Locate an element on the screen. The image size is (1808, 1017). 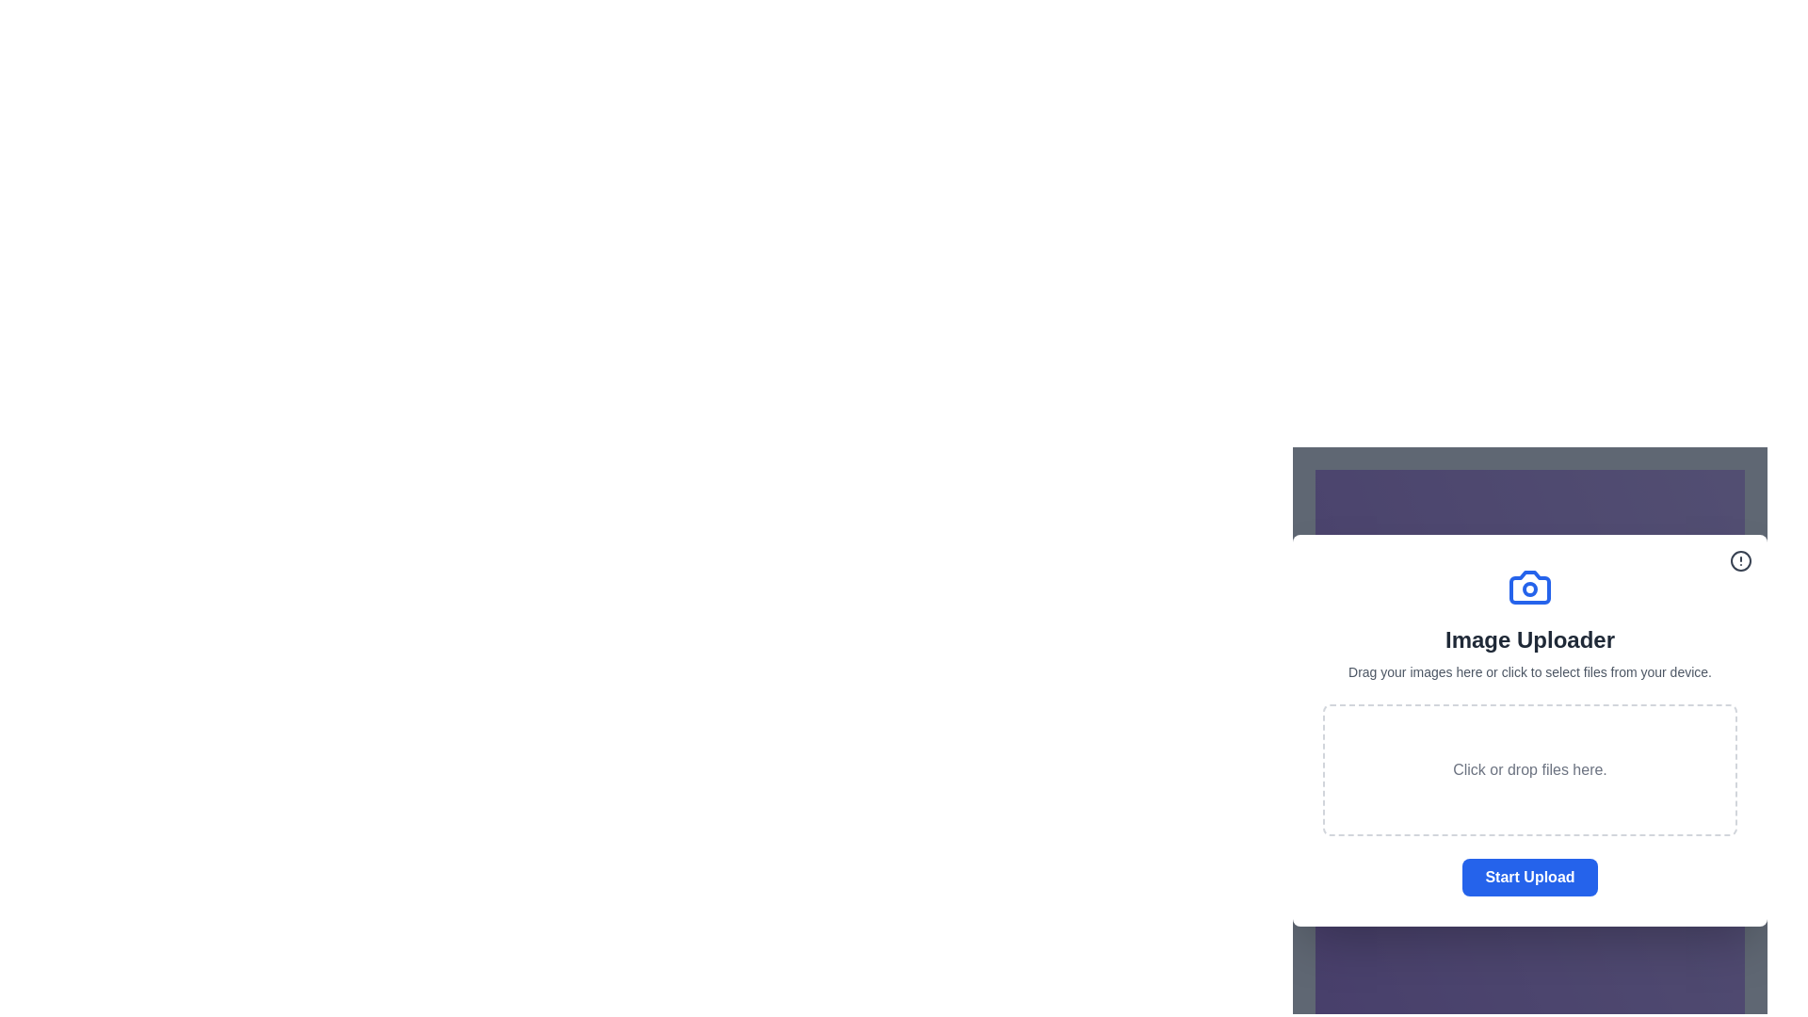
the Text Header that serves as the main heading for the image uploading section, located centered above a description and below a camera icon is located at coordinates (1530, 638).